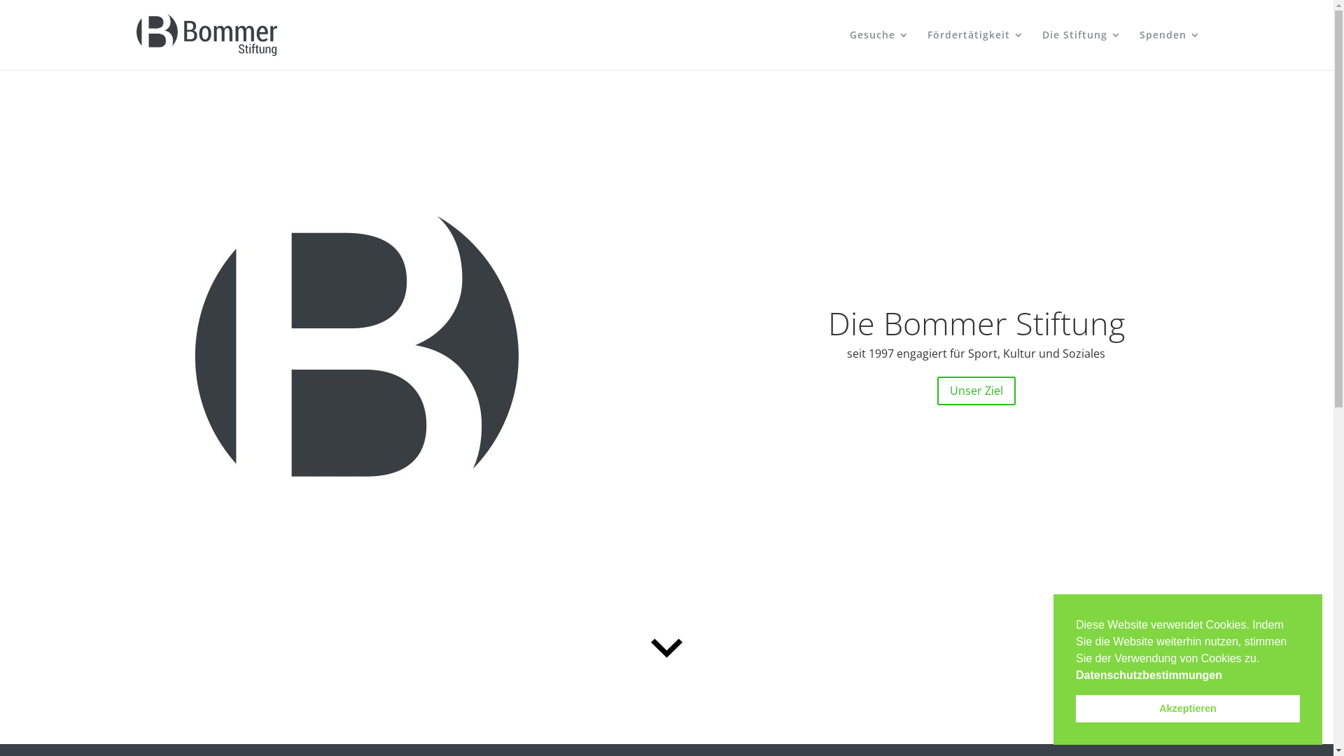  What do you see at coordinates (1080, 49) in the screenshot?
I see `'Die Stiftung'` at bounding box center [1080, 49].